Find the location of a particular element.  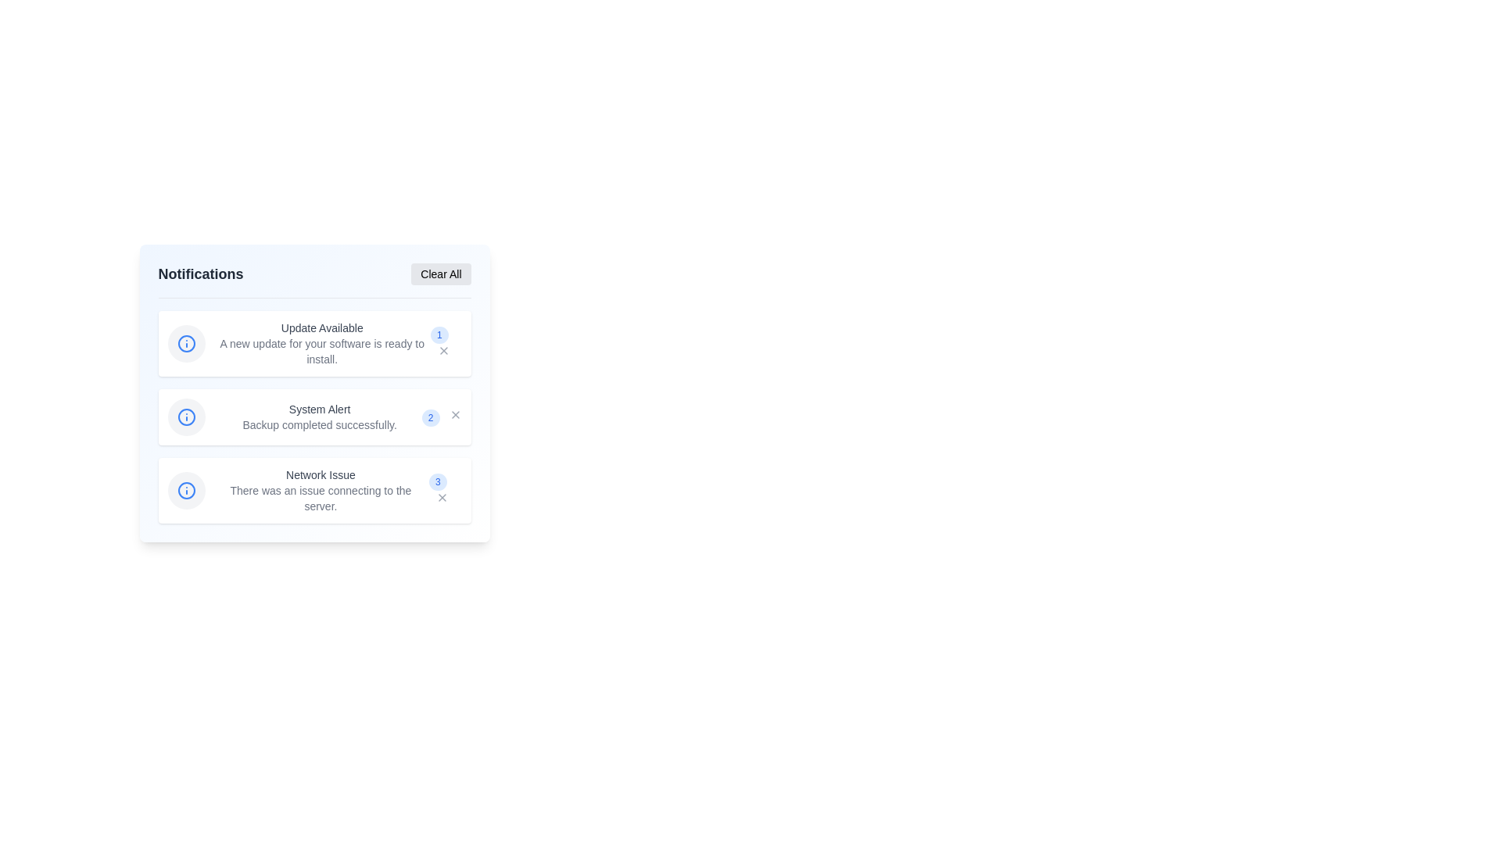

text from the Text Label which serves as the title of the notification card, positioned at the top-left of the card is located at coordinates (319, 409).